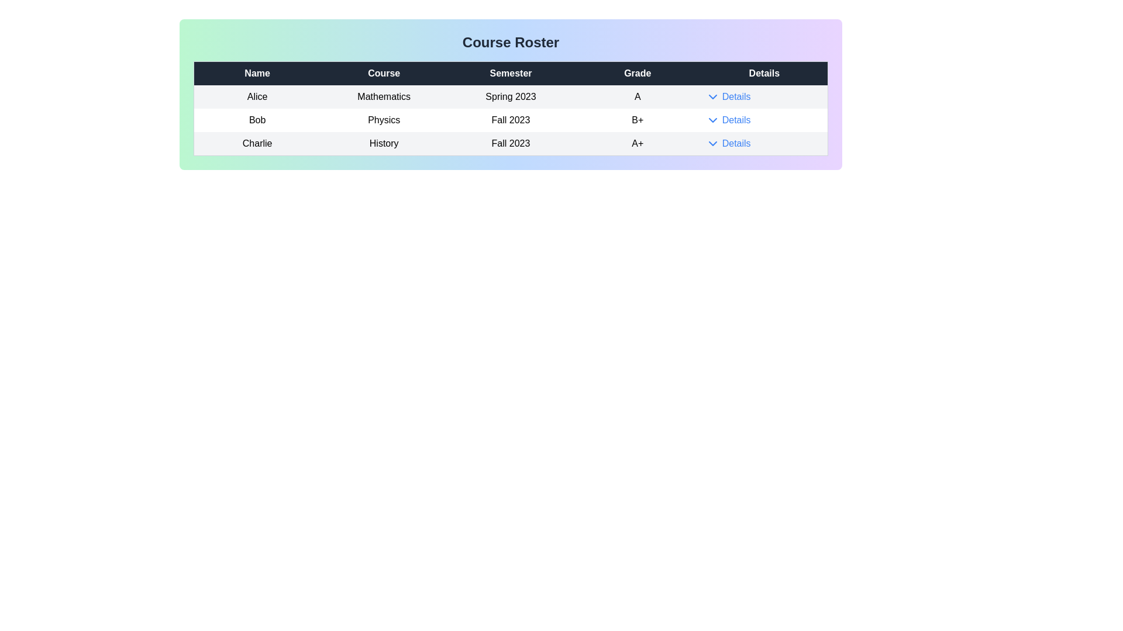 Image resolution: width=1123 pixels, height=631 pixels. What do you see at coordinates (764, 73) in the screenshot?
I see `the 'Details' column header cell, which is the fifth column header in the table layout, positioned immediately to the right of the 'Grade' header` at bounding box center [764, 73].